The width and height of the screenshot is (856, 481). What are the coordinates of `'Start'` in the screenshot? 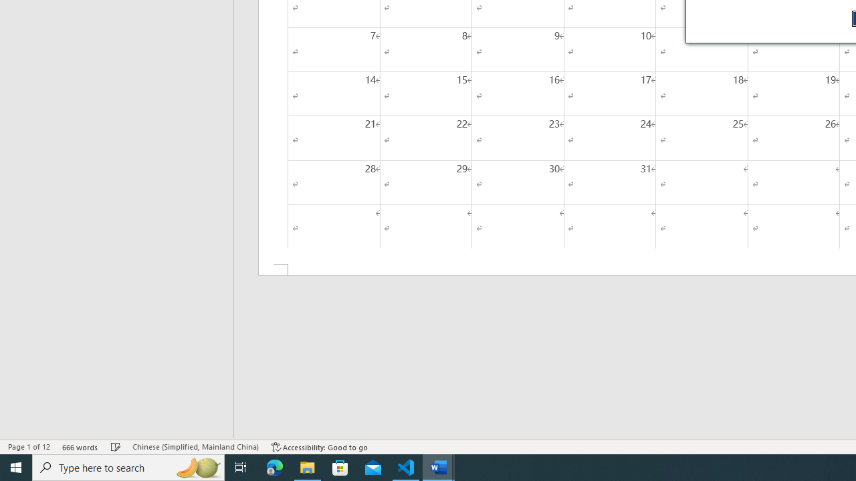 It's located at (16, 466).